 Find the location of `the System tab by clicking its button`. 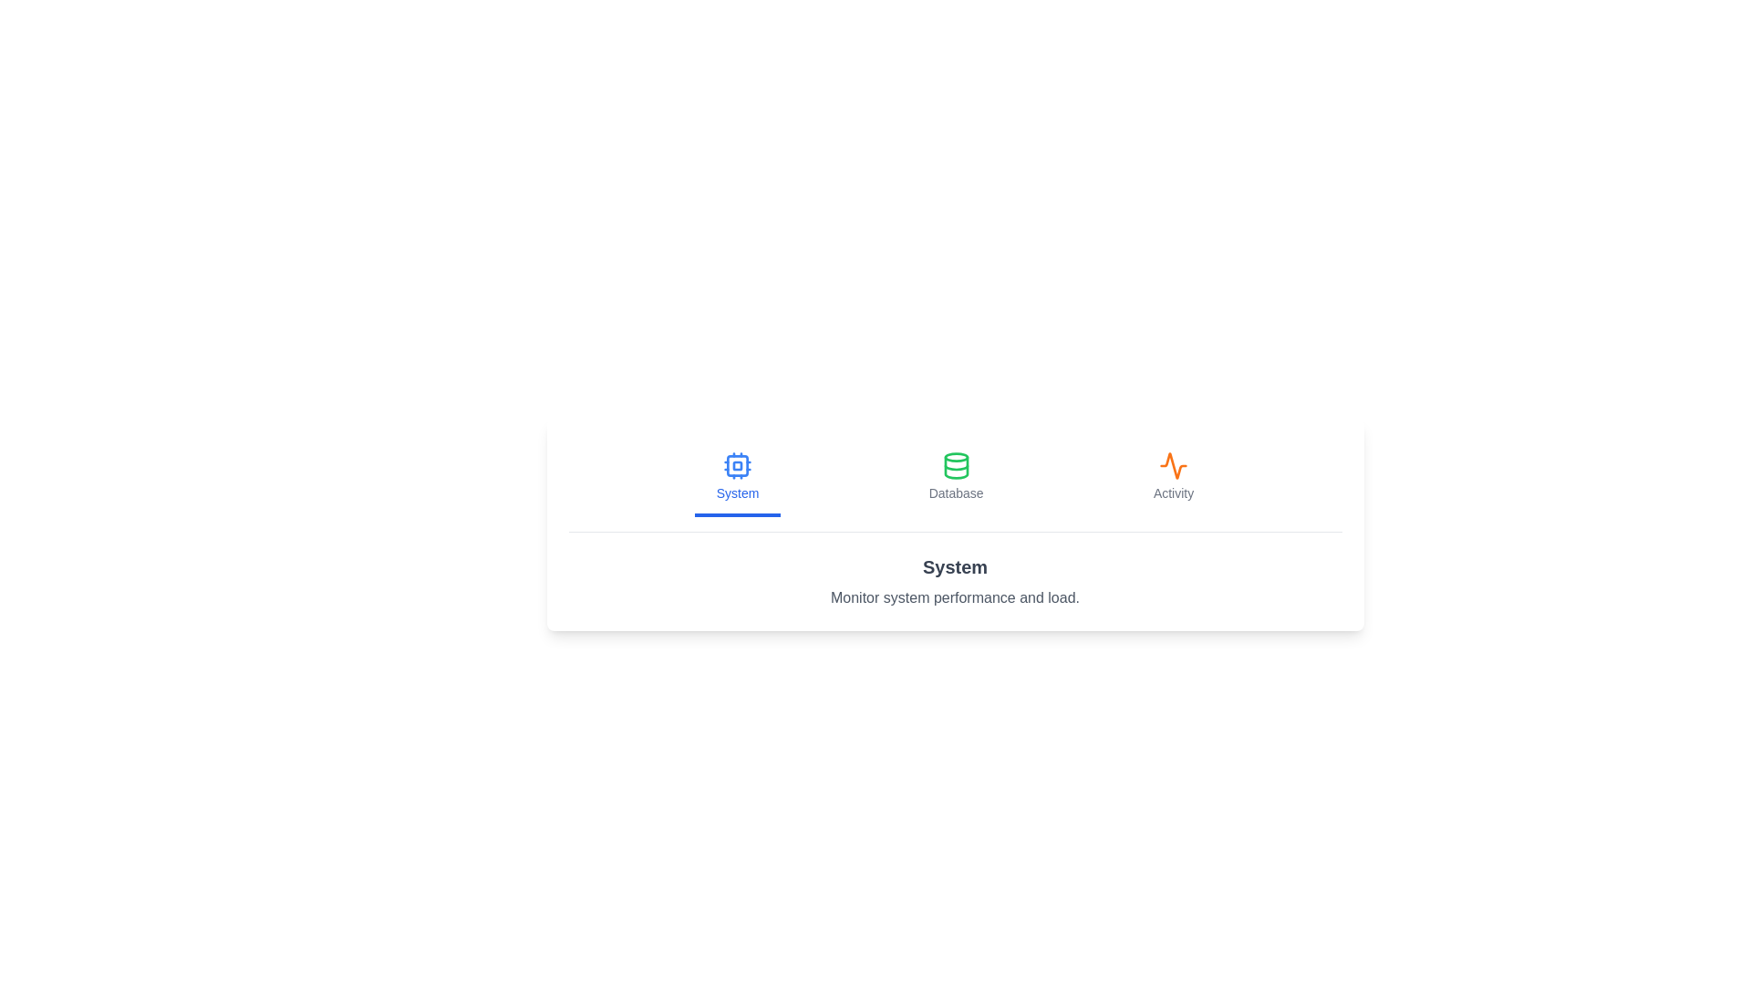

the System tab by clicking its button is located at coordinates (738, 477).